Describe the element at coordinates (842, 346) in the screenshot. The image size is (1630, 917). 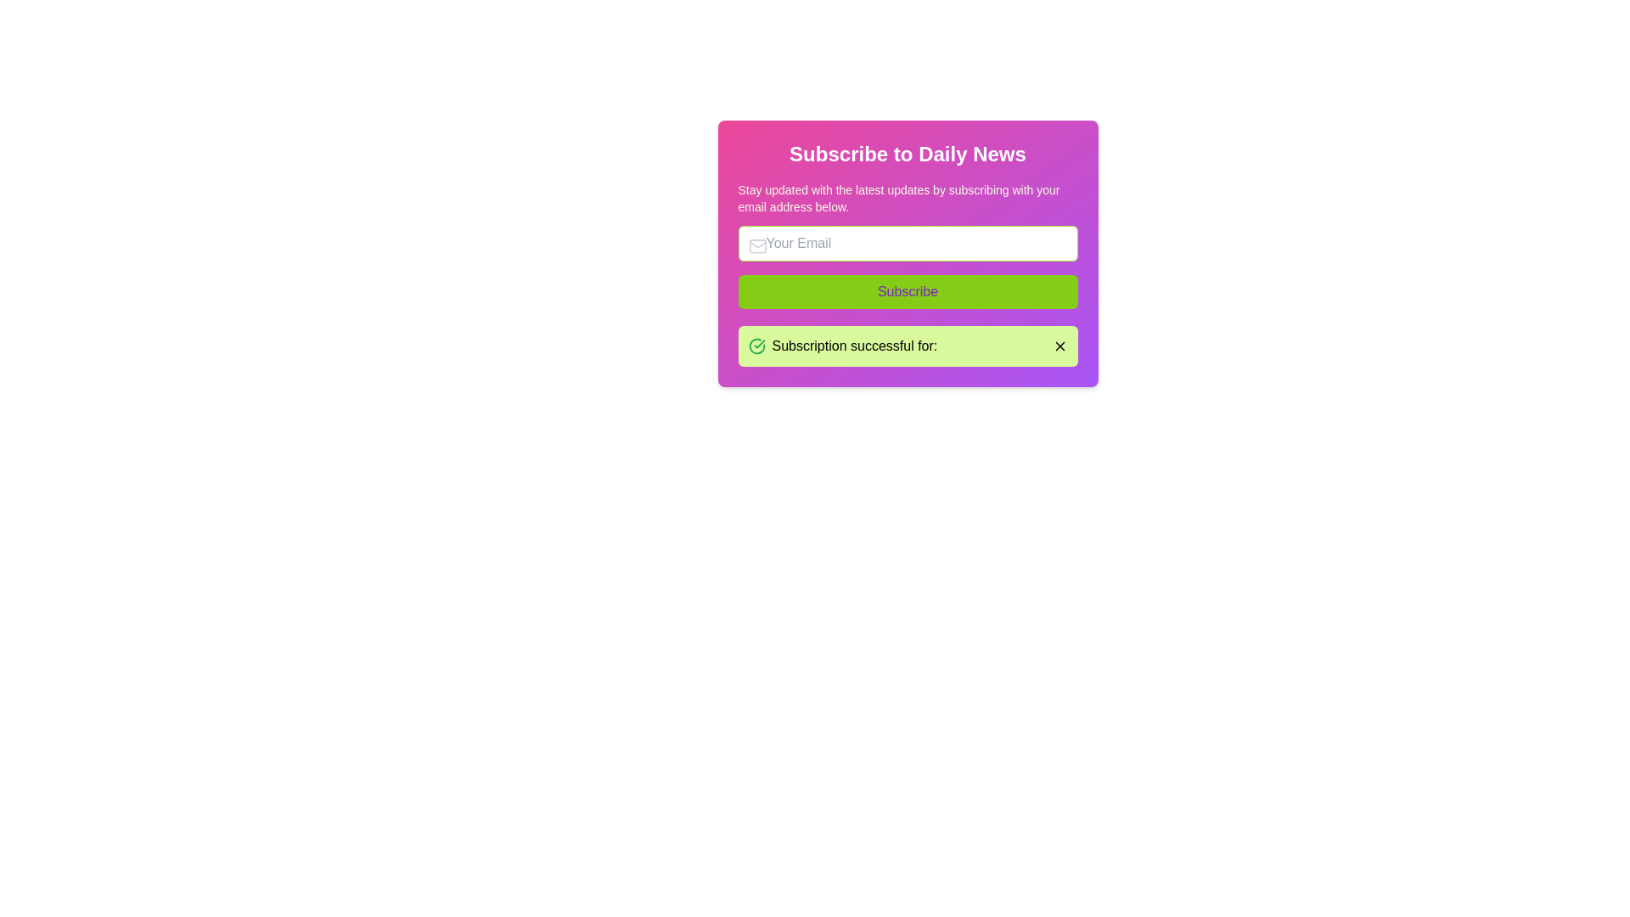
I see `text label that states 'Subscription successful for:' located in the notification banner, which is styled in bold and accompanied by a green checkmark icon` at that location.